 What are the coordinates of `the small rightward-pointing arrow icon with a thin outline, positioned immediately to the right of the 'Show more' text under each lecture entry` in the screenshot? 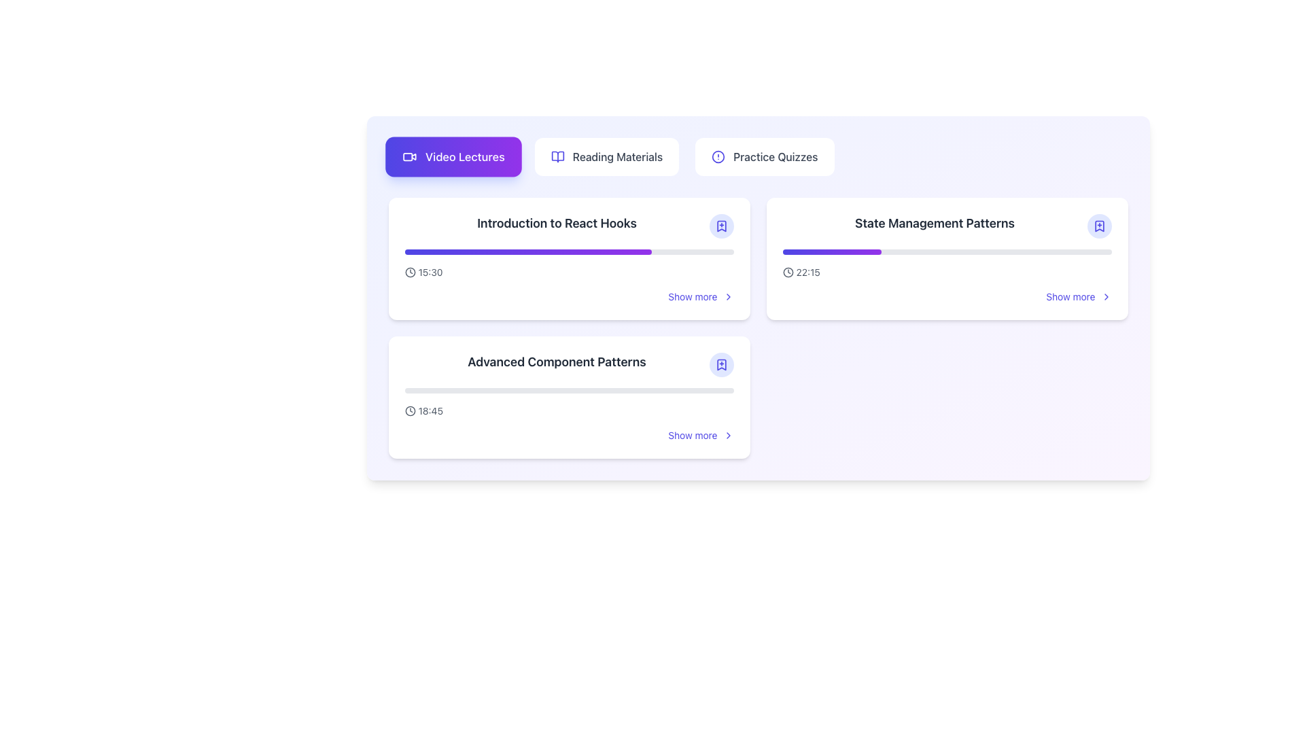 It's located at (727, 296).